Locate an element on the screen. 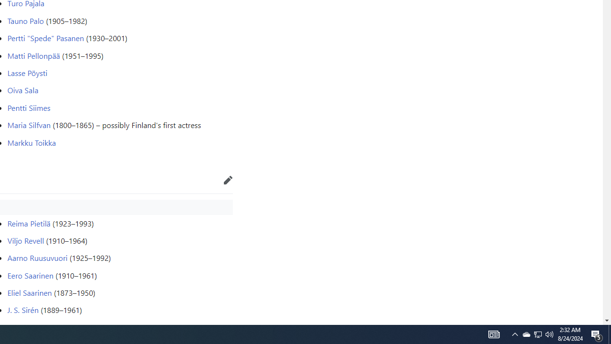  'Eliel Saarinen' is located at coordinates (30, 292).